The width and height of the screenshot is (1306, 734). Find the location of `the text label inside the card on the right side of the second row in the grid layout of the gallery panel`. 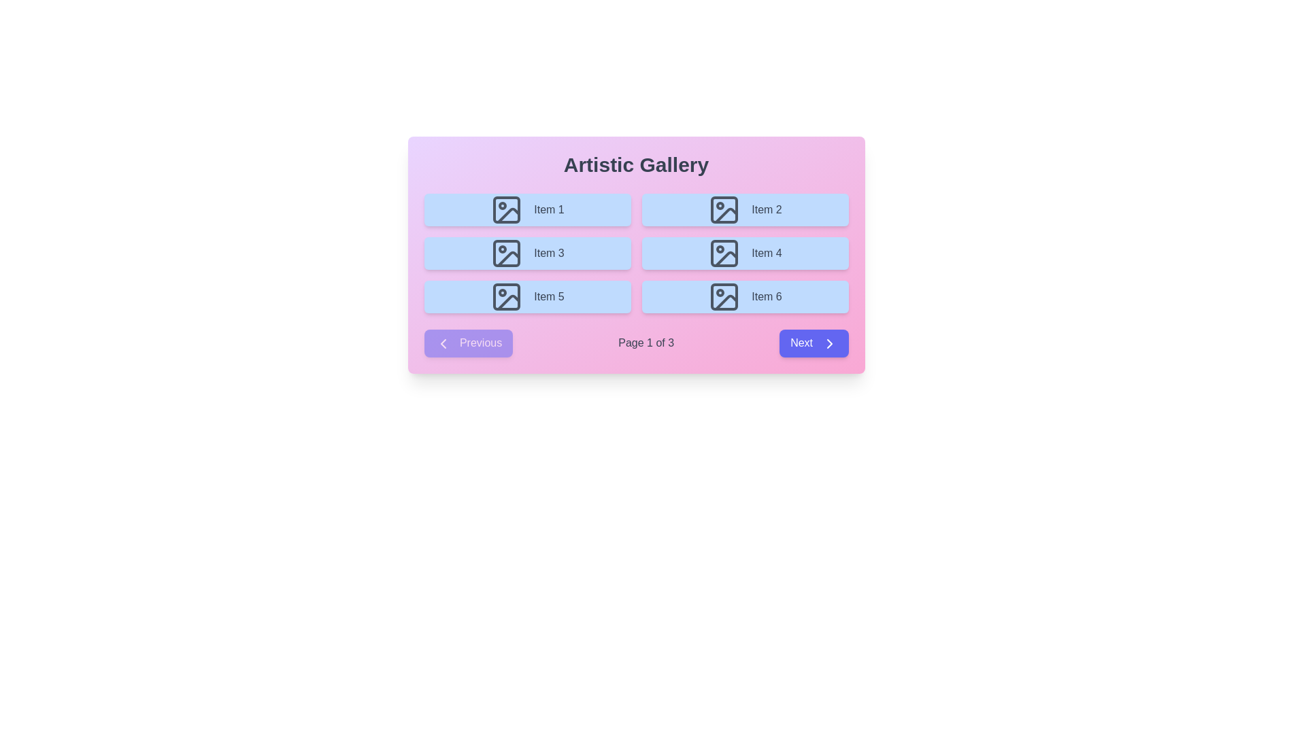

the text label inside the card on the right side of the second row in the grid layout of the gallery panel is located at coordinates (767, 254).